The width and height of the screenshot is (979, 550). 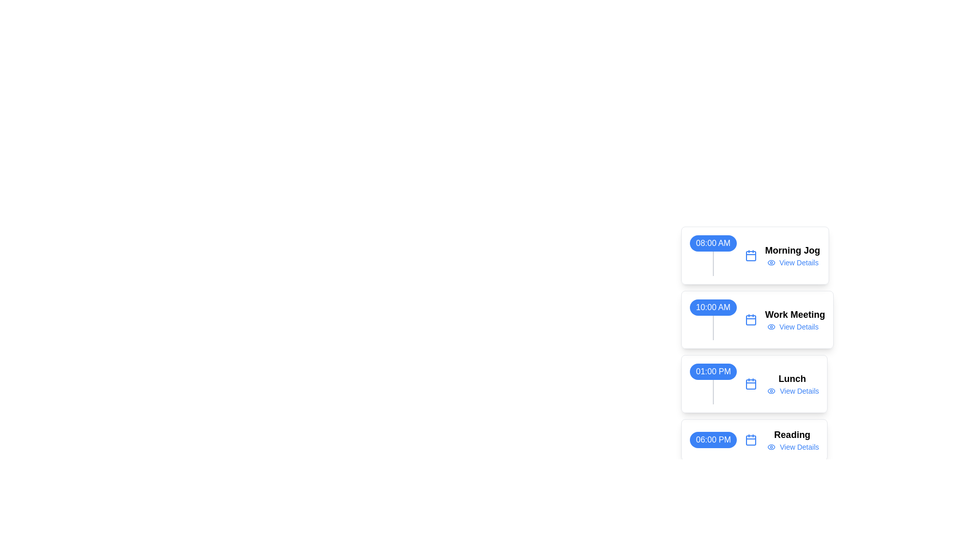 I want to click on the blue capsule-shaped button labeled '10:00 AM', which is the second time marker in the event schedule, so click(x=712, y=319).